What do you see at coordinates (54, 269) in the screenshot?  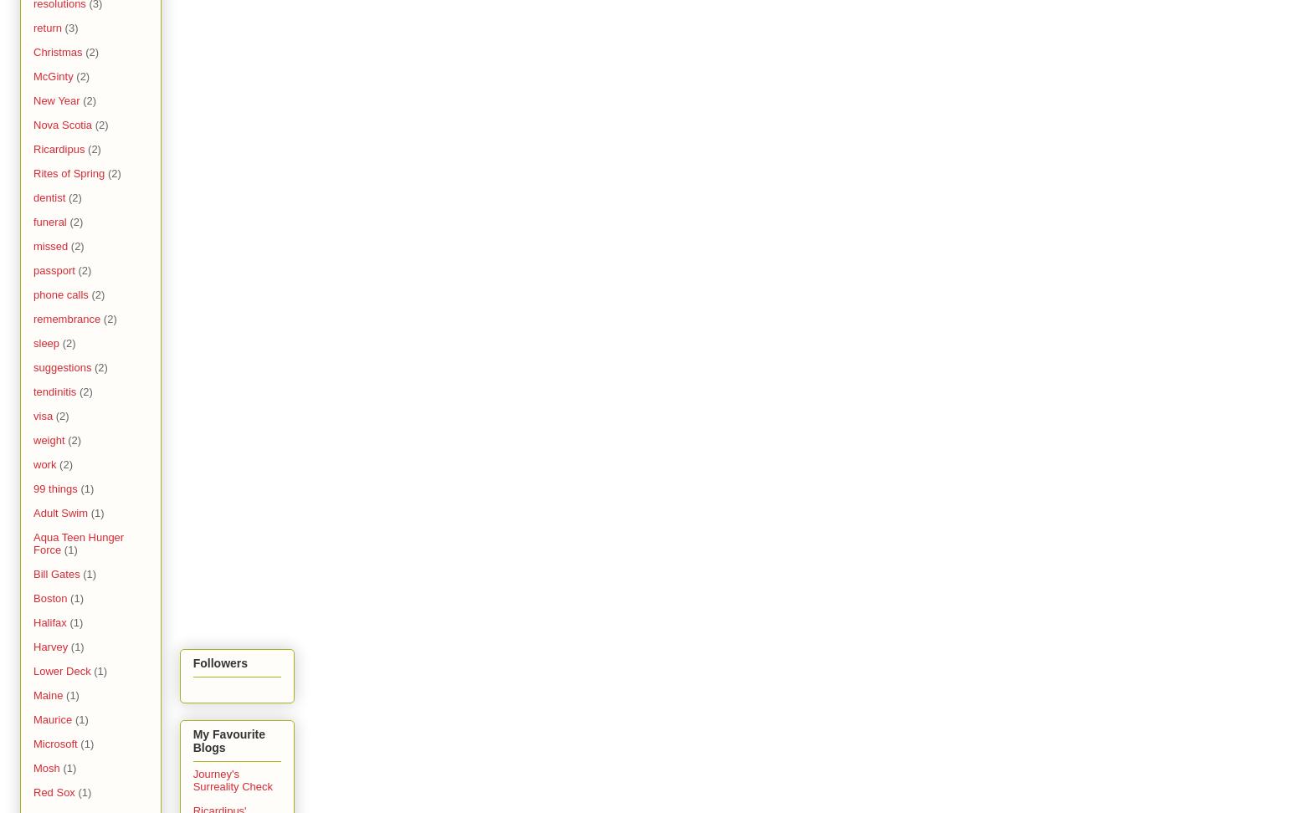 I see `'passport'` at bounding box center [54, 269].